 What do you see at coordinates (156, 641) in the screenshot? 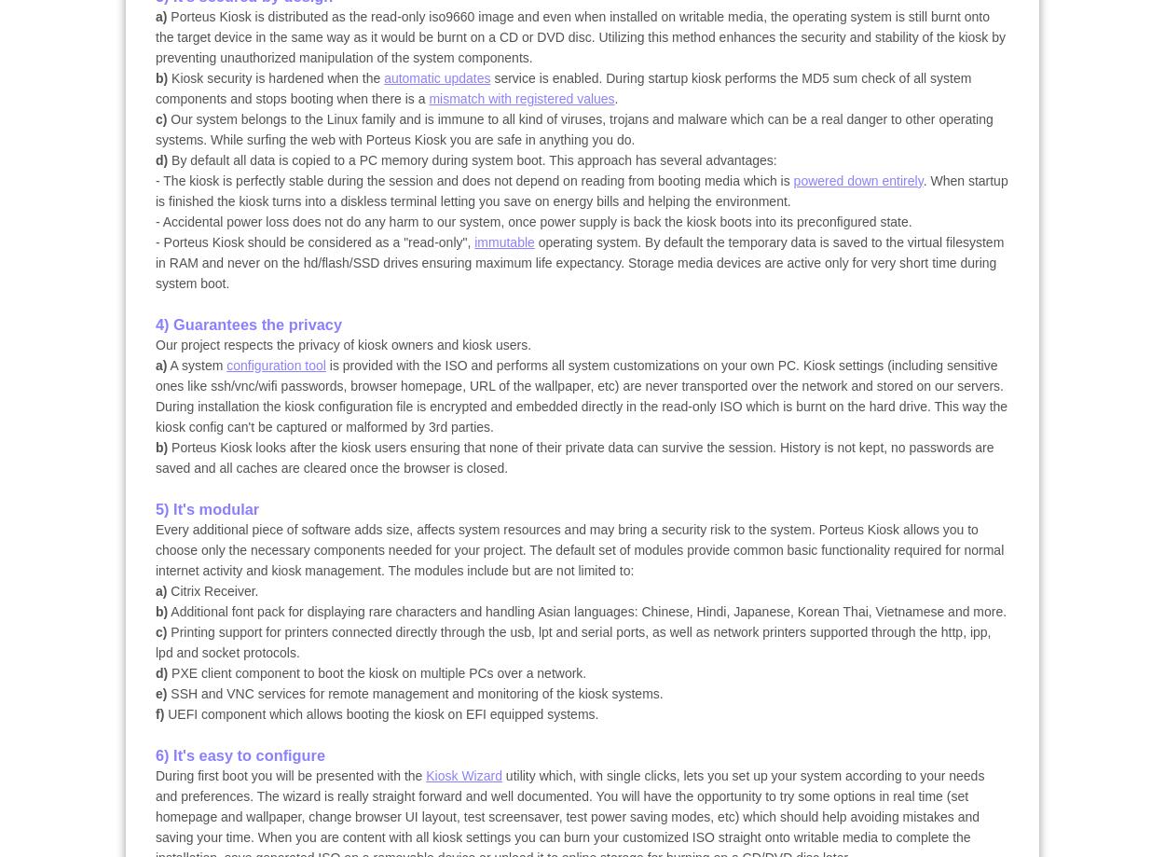
I see `'Printing support for printers connected directly through the usb, lpt and serial ports, as well as network printers supported through the http, ipp, lpd and socket protocols.'` at bounding box center [156, 641].